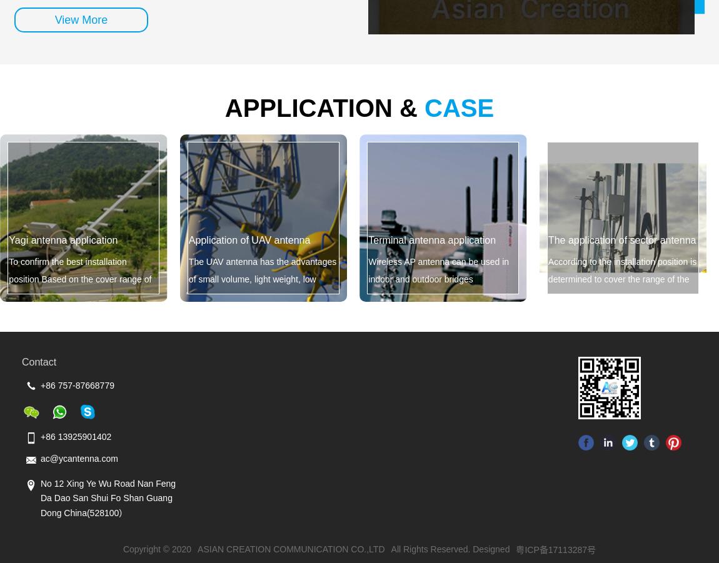  Describe the element at coordinates (76, 385) in the screenshot. I see `'+86 757-87668779'` at that location.